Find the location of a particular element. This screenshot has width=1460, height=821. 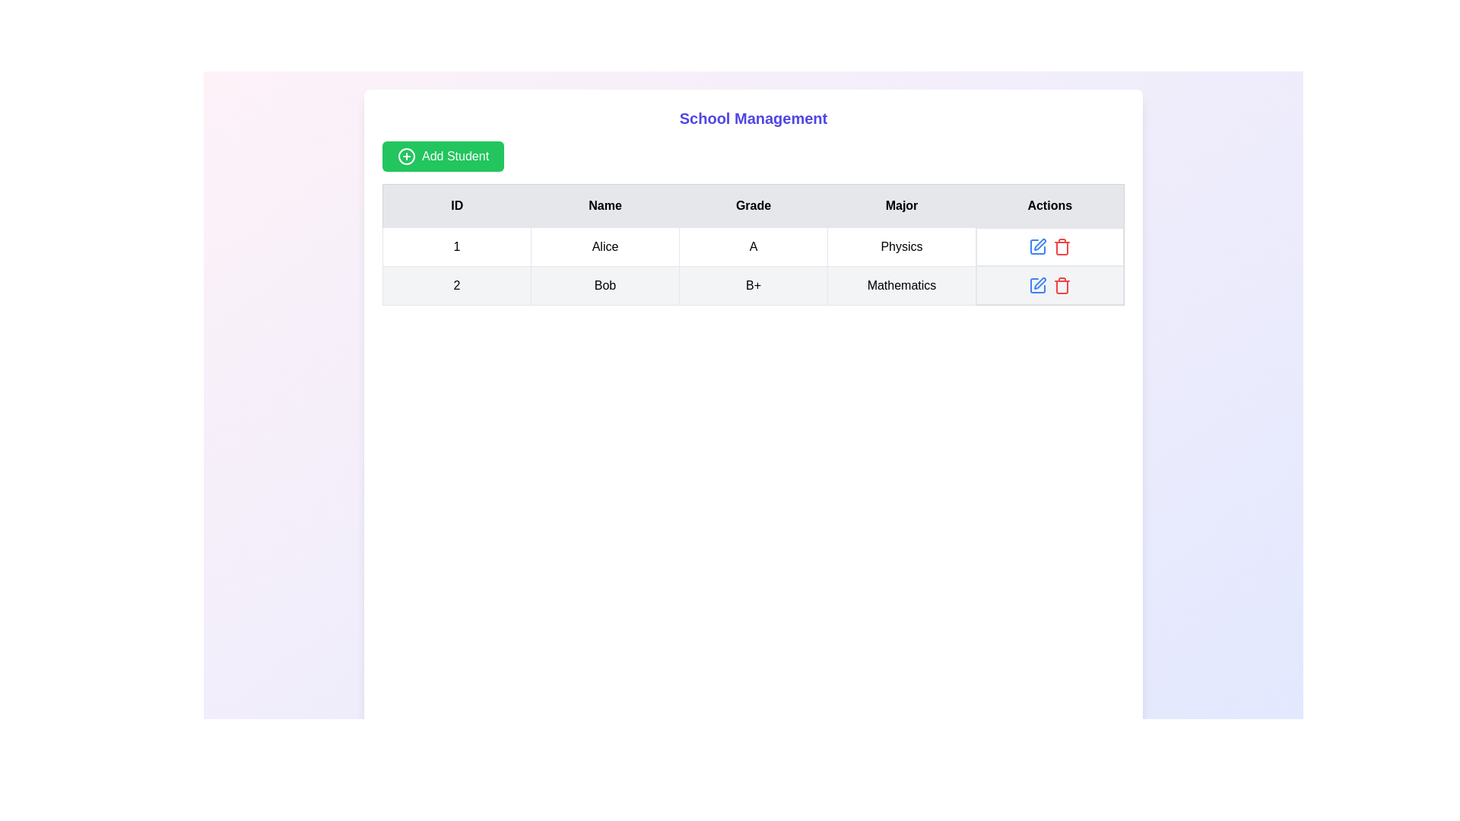

the read-only text display field representing Alice's major in the fourth column of the first row of the table is located at coordinates (901, 246).